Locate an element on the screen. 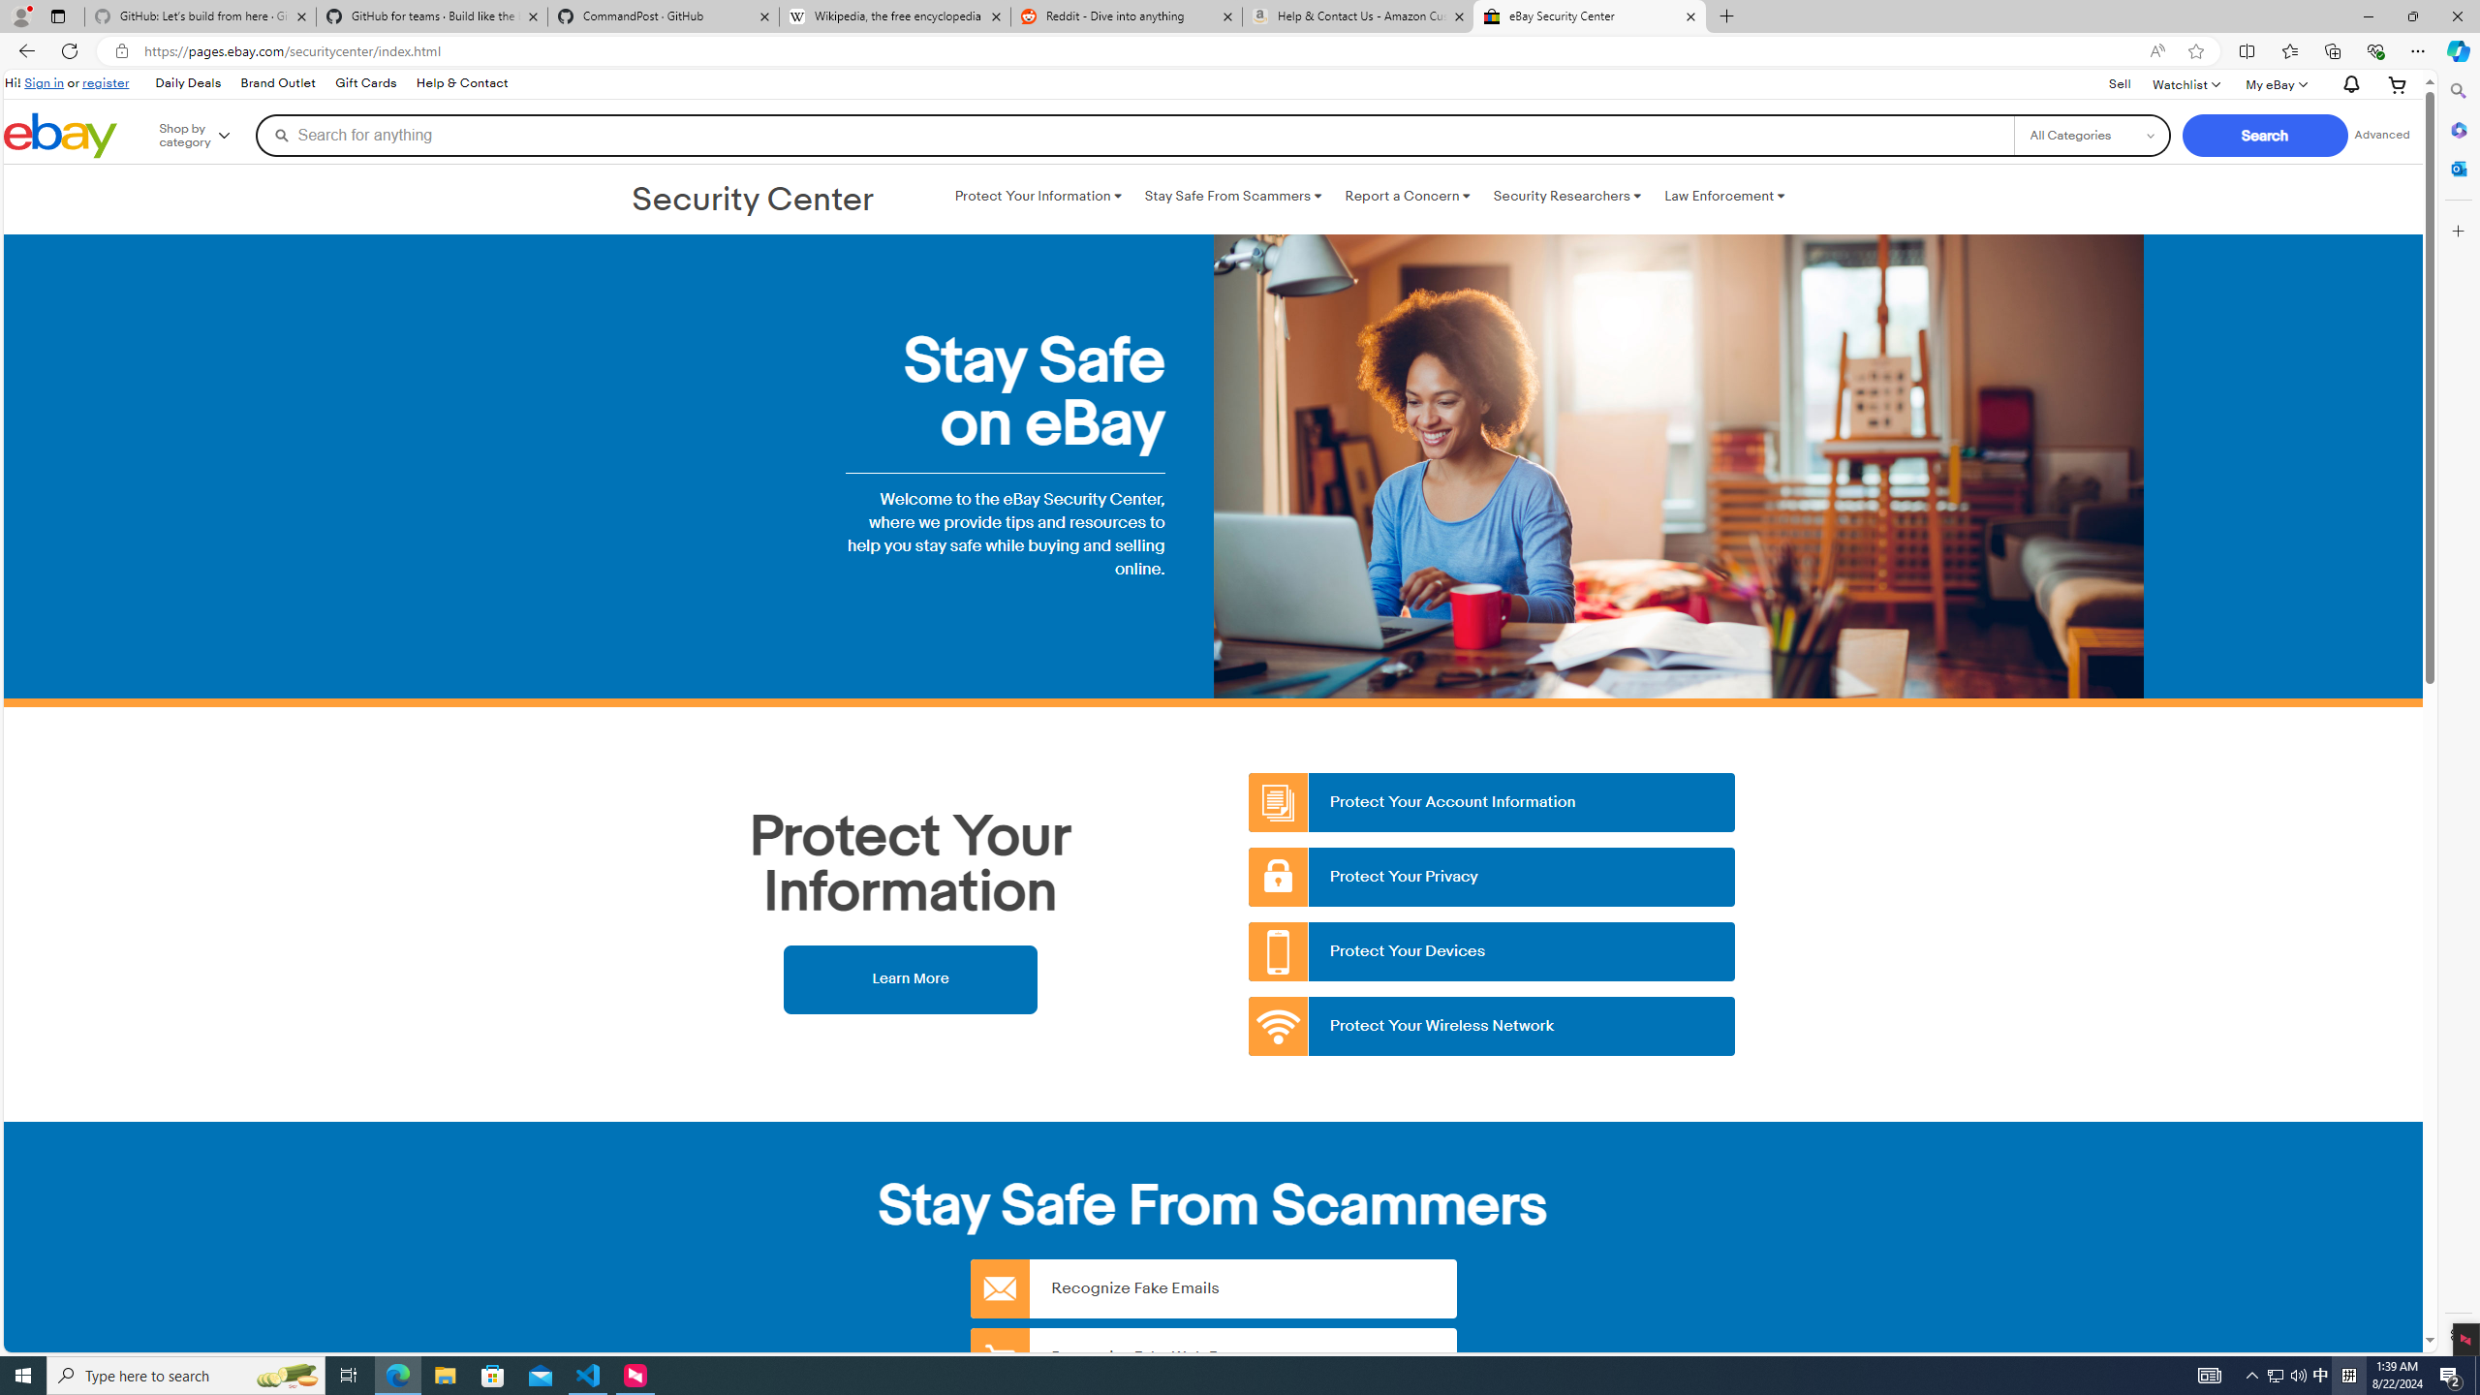 The width and height of the screenshot is (2480, 1395). 'Protect Your Wireless Network' is located at coordinates (1492, 1025).